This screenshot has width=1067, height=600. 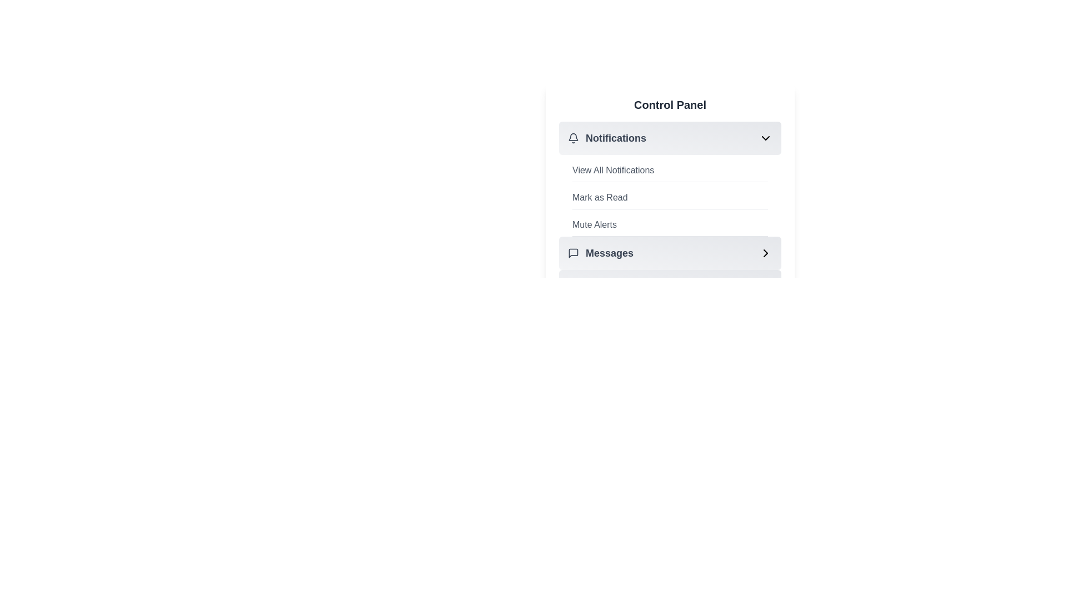 I want to click on the speech bubble icon in the 'Messages' section of the control panel UI, which signifies a message or comment functionality, so click(x=574, y=253).